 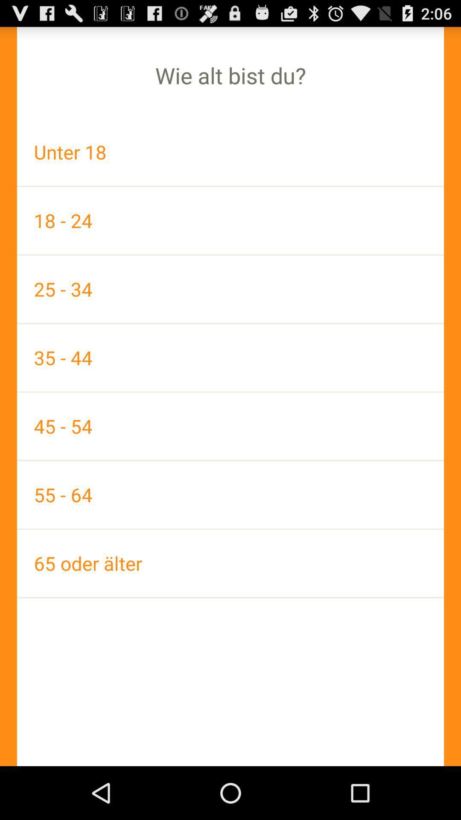 What do you see at coordinates (230, 152) in the screenshot?
I see `the app above 18 - 24 app` at bounding box center [230, 152].